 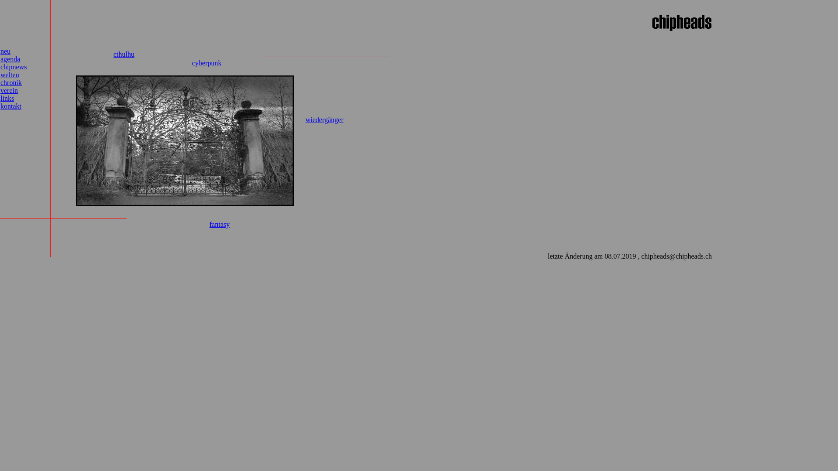 What do you see at coordinates (7, 98) in the screenshot?
I see `'links'` at bounding box center [7, 98].